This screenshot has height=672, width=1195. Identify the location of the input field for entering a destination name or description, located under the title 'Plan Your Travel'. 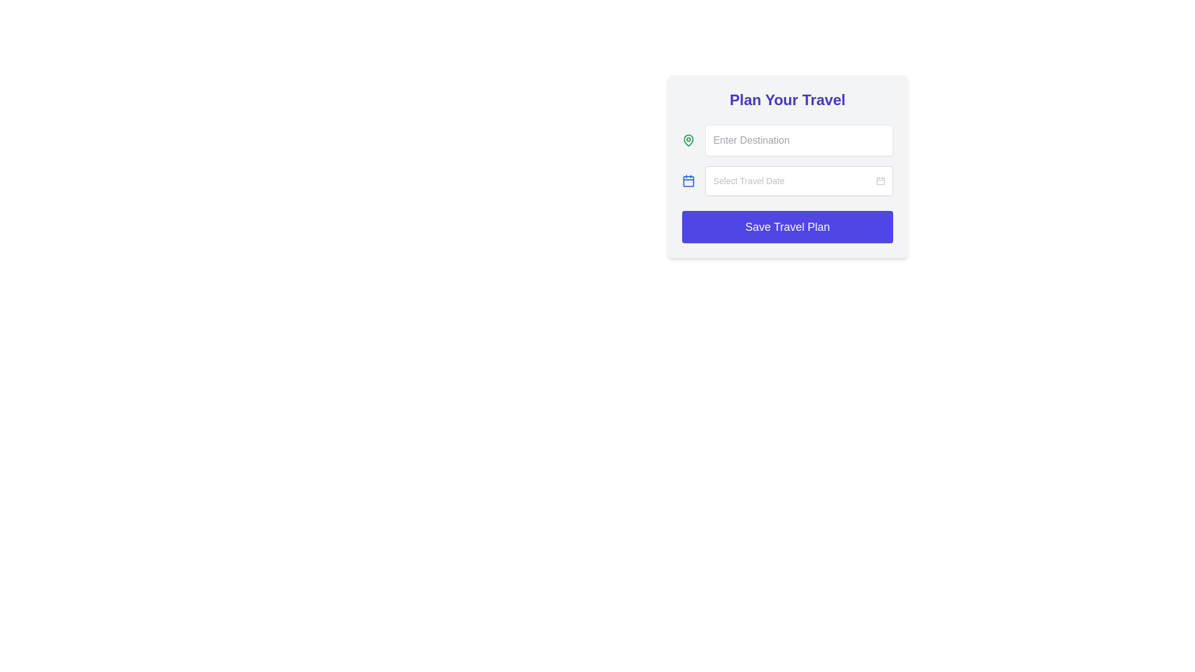
(787, 140).